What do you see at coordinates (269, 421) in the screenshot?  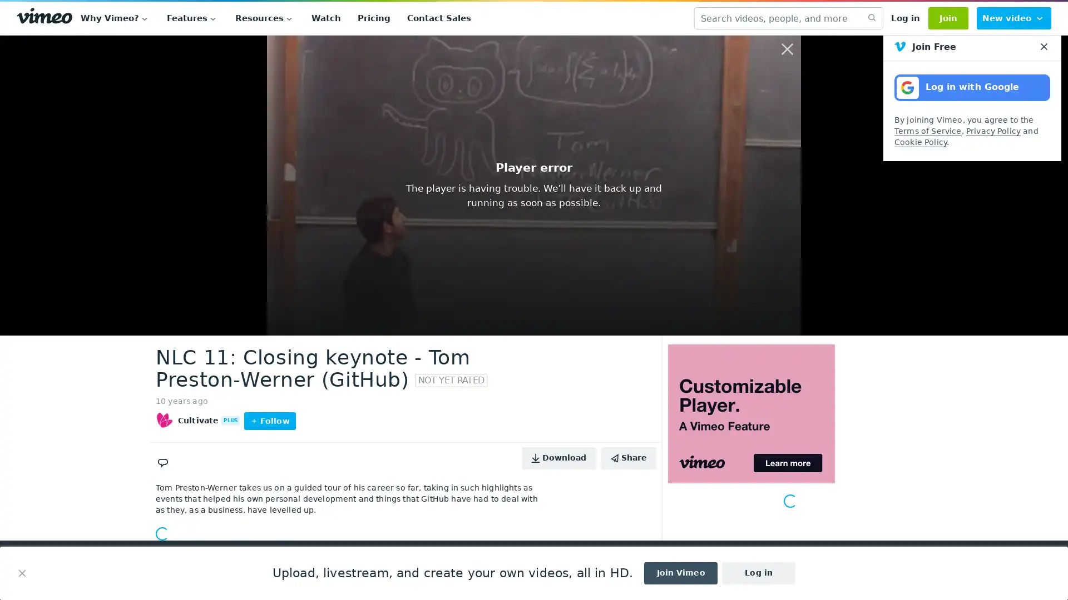 I see `Follow` at bounding box center [269, 421].